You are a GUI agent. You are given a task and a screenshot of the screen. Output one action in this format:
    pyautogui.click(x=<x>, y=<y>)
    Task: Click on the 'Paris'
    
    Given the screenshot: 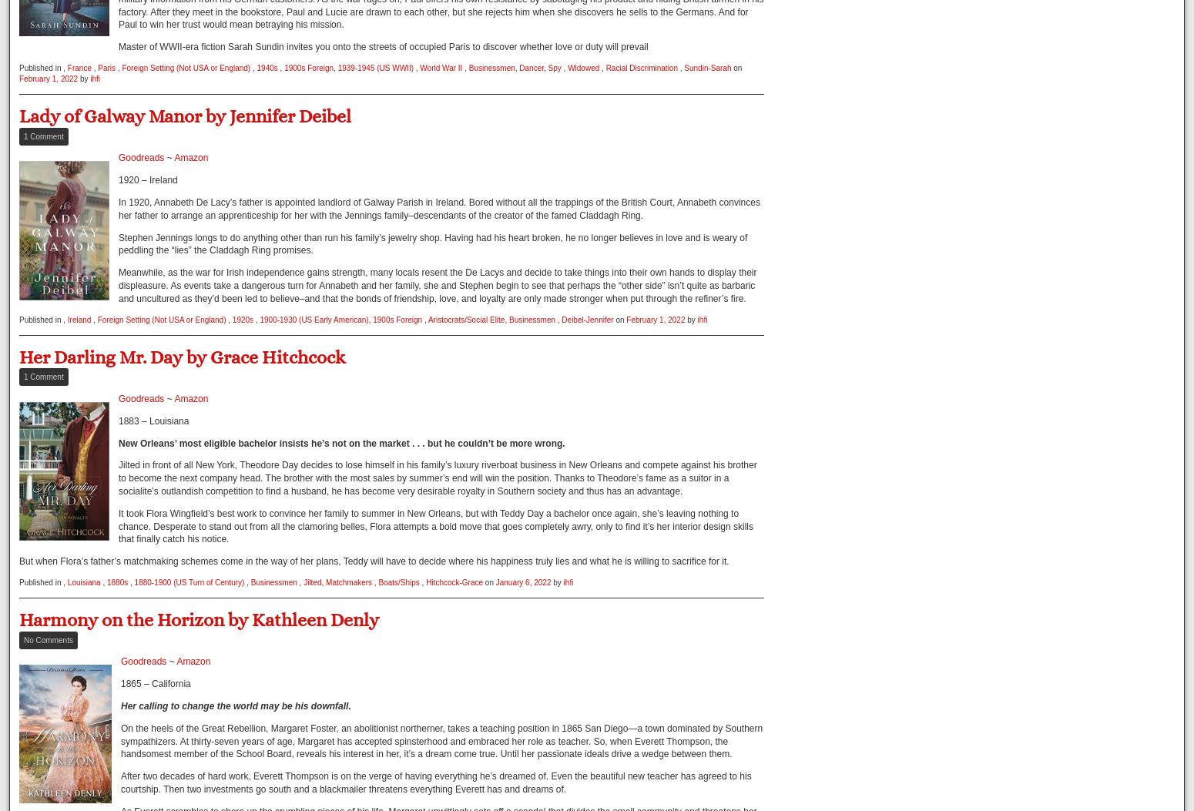 What is the action you would take?
    pyautogui.click(x=106, y=67)
    